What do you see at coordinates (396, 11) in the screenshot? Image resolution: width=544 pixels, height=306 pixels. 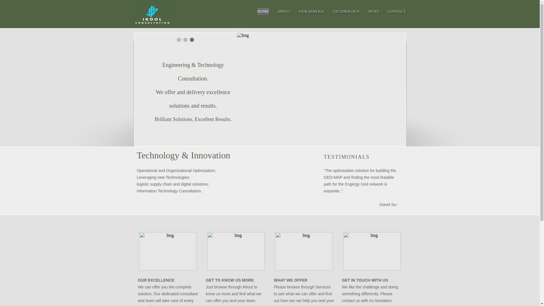 I see `'CONTACT'` at bounding box center [396, 11].